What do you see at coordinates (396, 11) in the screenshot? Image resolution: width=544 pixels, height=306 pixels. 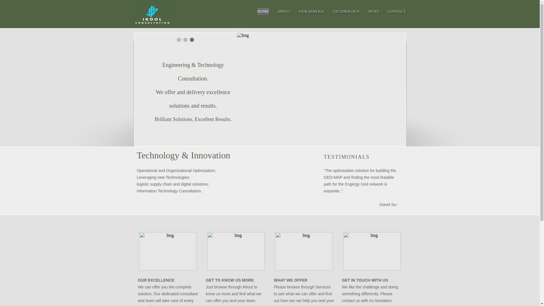 I see `'CONTACT'` at bounding box center [396, 11].